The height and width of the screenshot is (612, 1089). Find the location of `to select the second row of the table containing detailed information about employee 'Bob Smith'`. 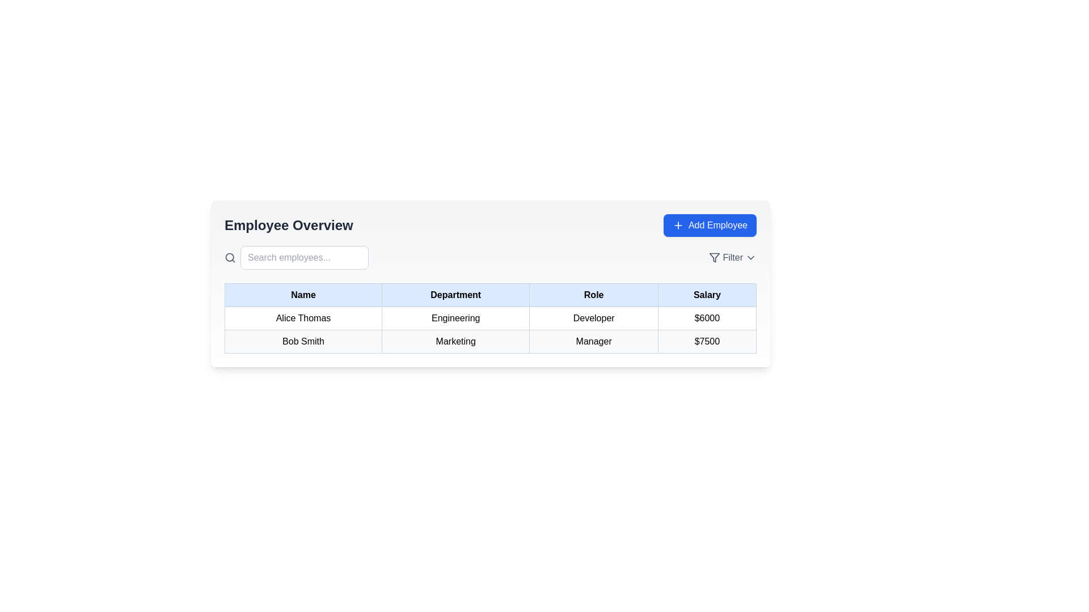

to select the second row of the table containing detailed information about employee 'Bob Smith' is located at coordinates (490, 330).